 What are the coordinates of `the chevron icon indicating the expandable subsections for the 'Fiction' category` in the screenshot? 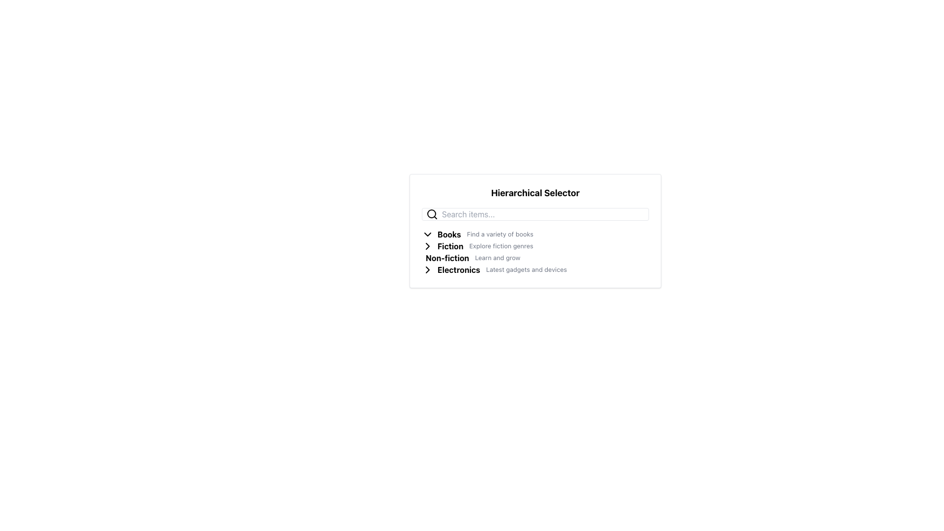 It's located at (429, 246).